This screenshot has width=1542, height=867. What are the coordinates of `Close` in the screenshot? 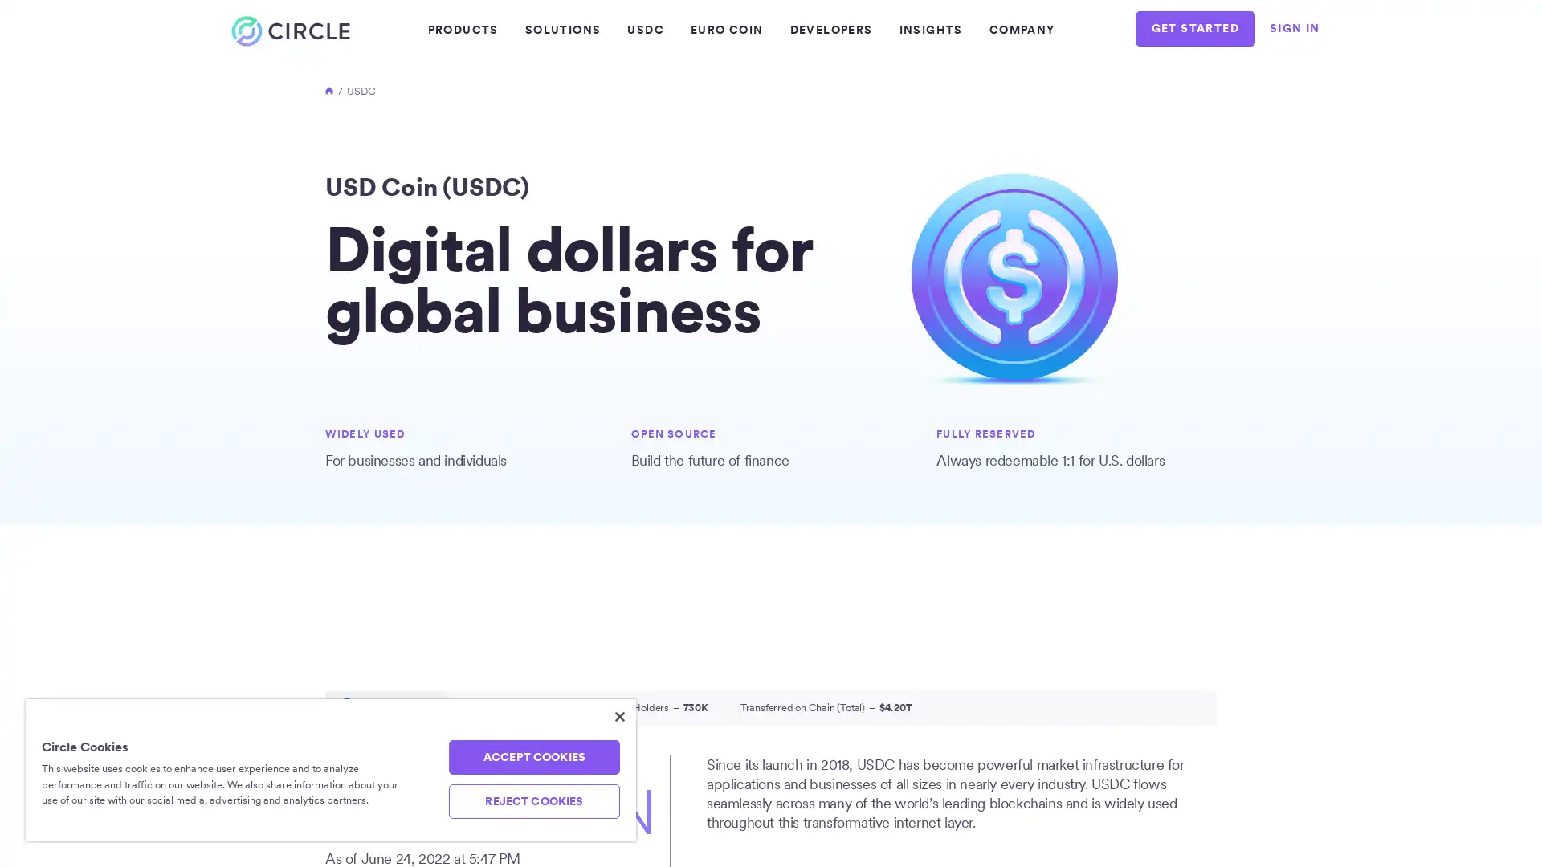 It's located at (619, 716).